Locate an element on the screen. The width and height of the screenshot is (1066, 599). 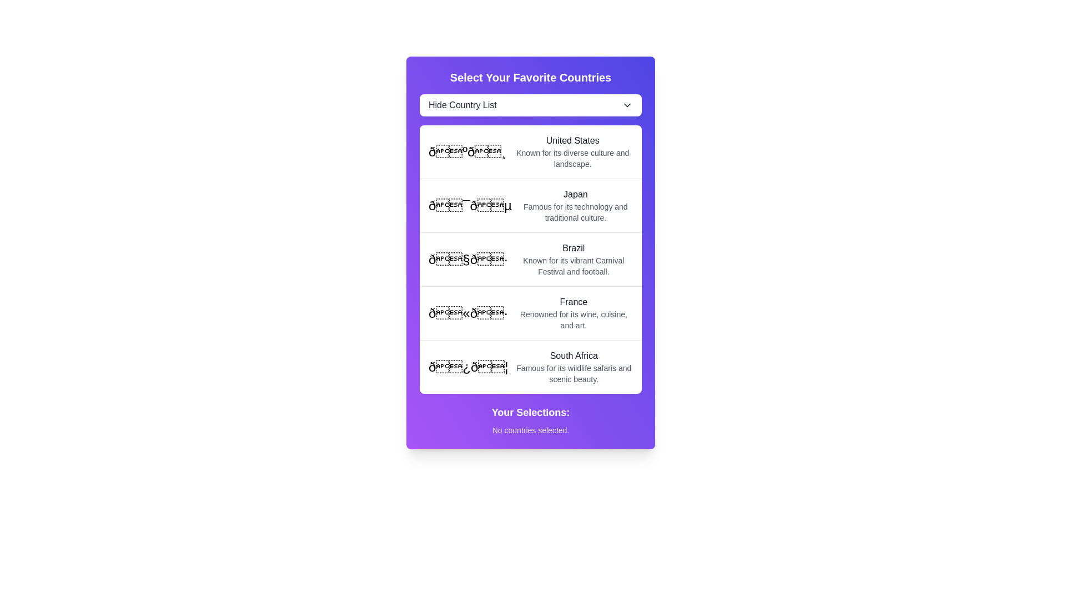
the static text element that provides information about 'South Africa', located below the primary label in the bottommost row of the country list is located at coordinates (574, 374).